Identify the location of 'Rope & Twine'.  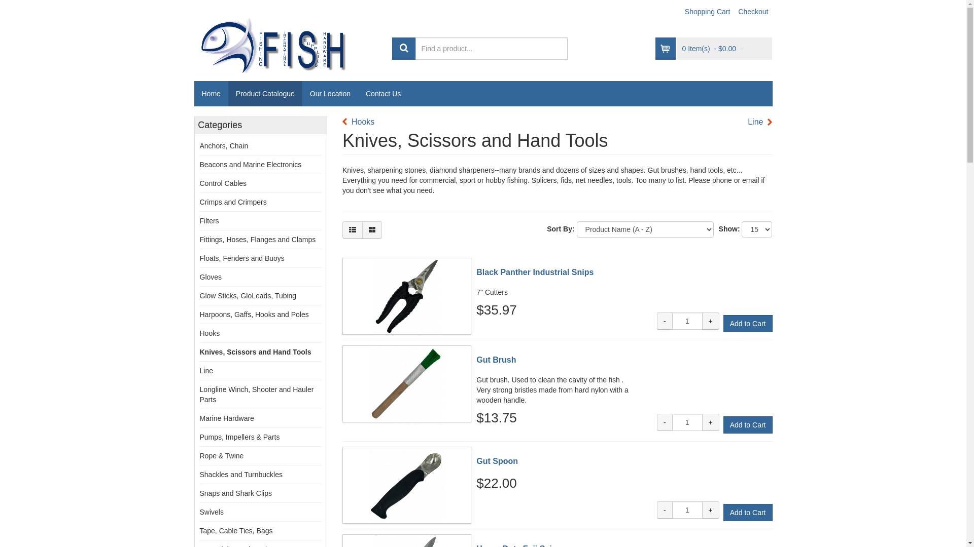
(221, 455).